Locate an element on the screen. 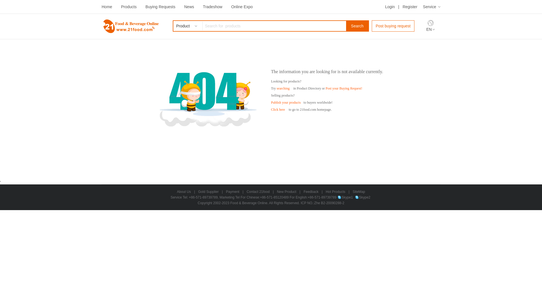 The image size is (542, 305). 'SiteMap' is located at coordinates (359, 191).